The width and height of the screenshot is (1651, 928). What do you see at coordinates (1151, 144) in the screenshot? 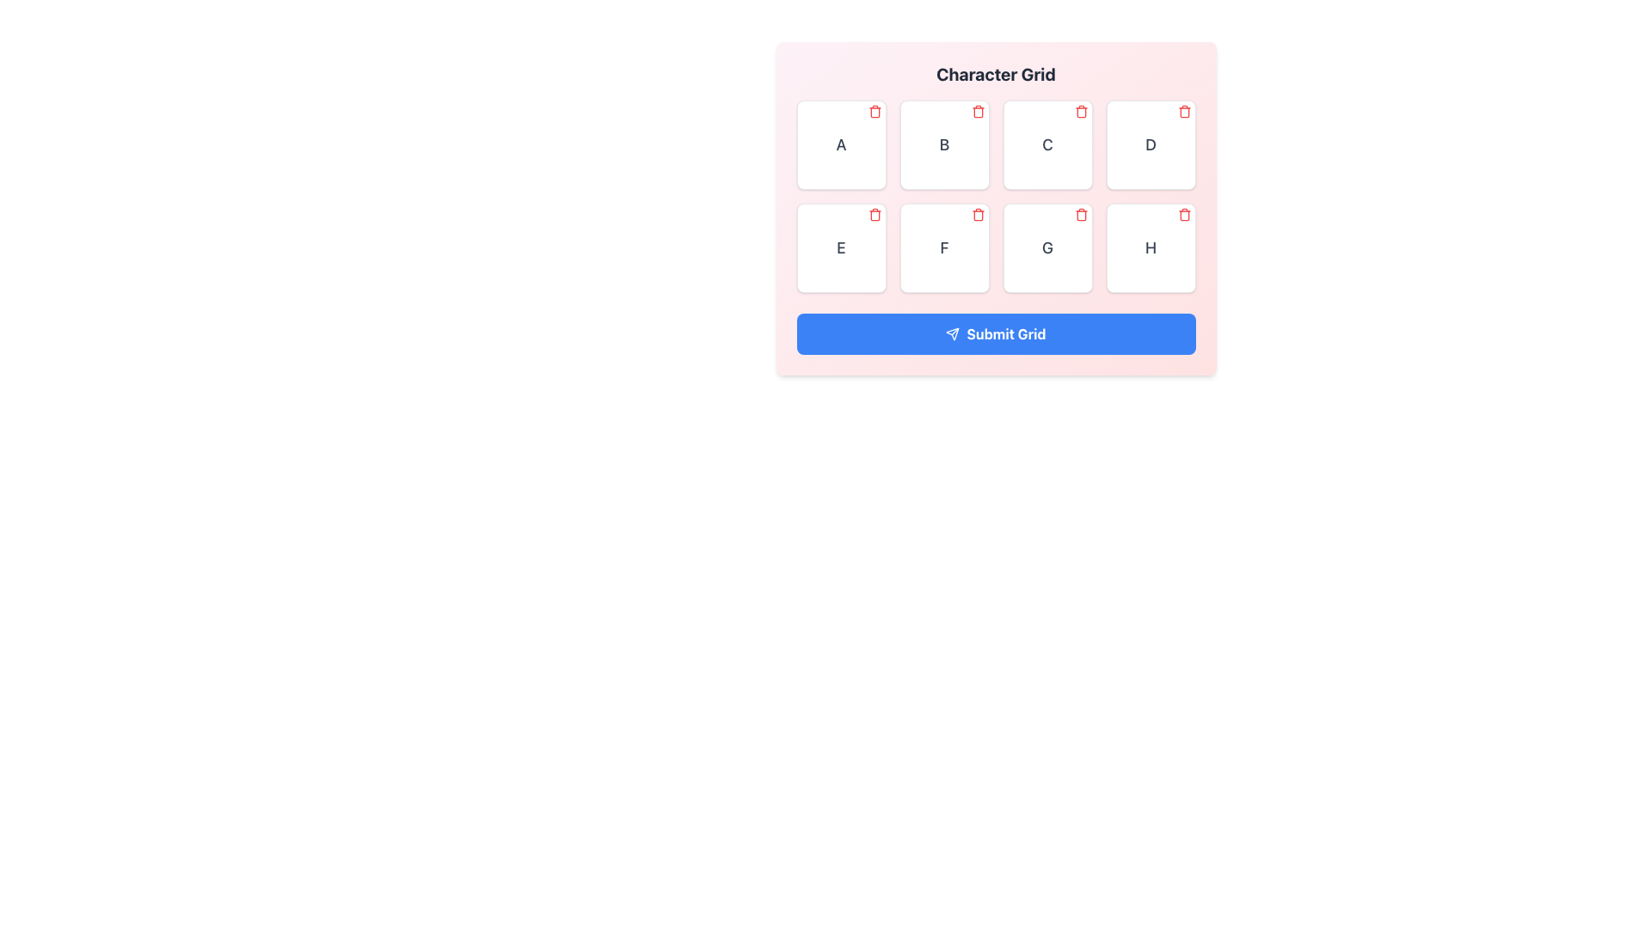
I see `the square-shaped button with a white background and a centered uppercase 'D' in bold, medium gray text` at bounding box center [1151, 144].